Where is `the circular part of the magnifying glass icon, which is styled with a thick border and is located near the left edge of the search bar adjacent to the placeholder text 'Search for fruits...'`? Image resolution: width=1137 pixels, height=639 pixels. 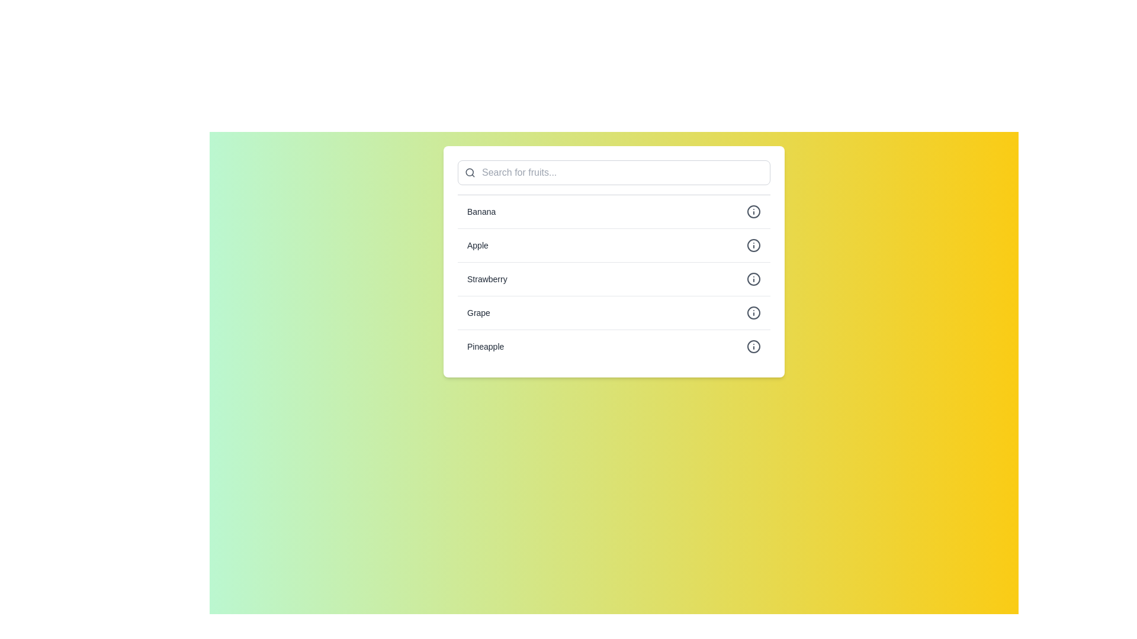
the circular part of the magnifying glass icon, which is styled with a thick border and is located near the left edge of the search bar adjacent to the placeholder text 'Search for fruits...' is located at coordinates (469, 172).